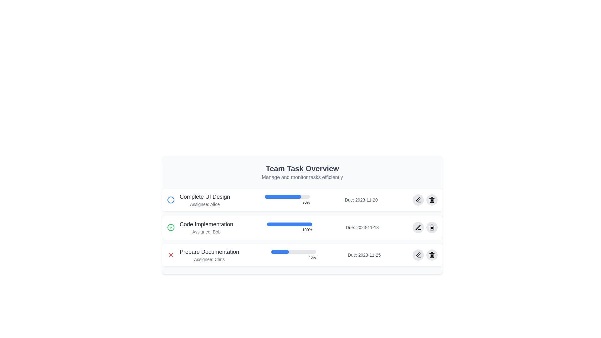  I want to click on the progress bar for the 'Prepare Documentation' task, which has a gray background and a blue fill at 40% width, located in the third row of the task list, so click(293, 252).